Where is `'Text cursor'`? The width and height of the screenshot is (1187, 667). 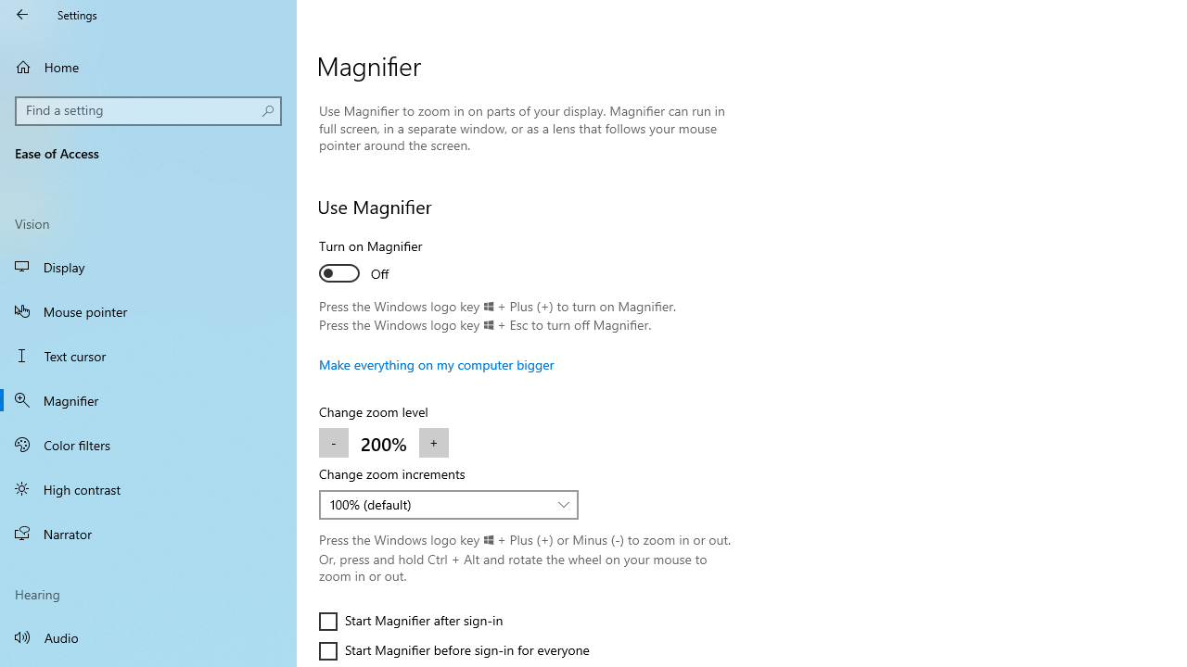
'Text cursor' is located at coordinates (148, 356).